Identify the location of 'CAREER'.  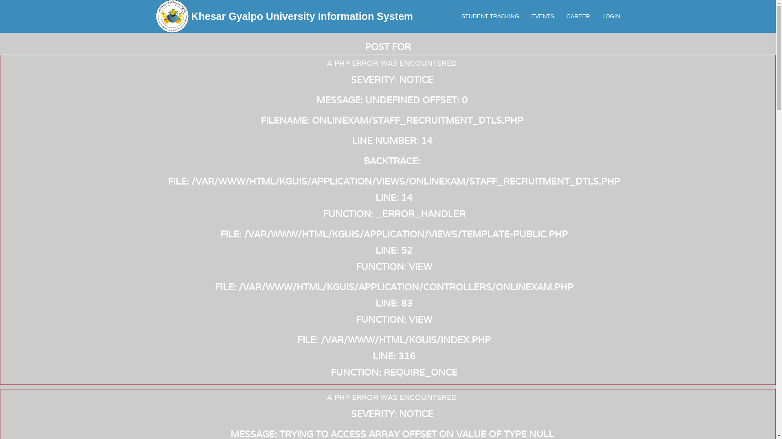
(578, 16).